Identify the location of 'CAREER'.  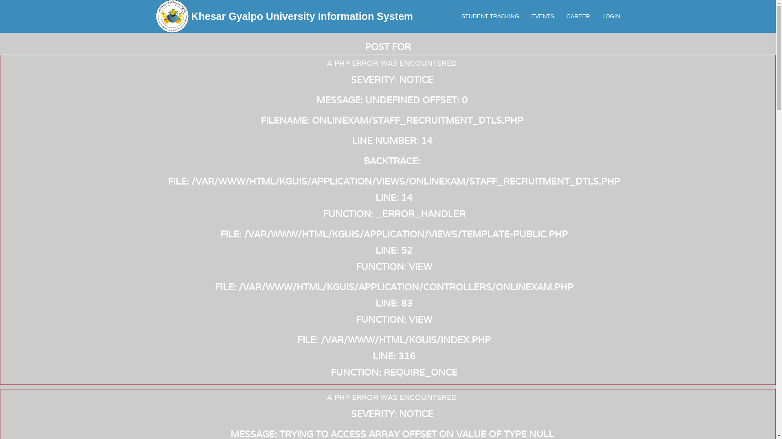
(578, 16).